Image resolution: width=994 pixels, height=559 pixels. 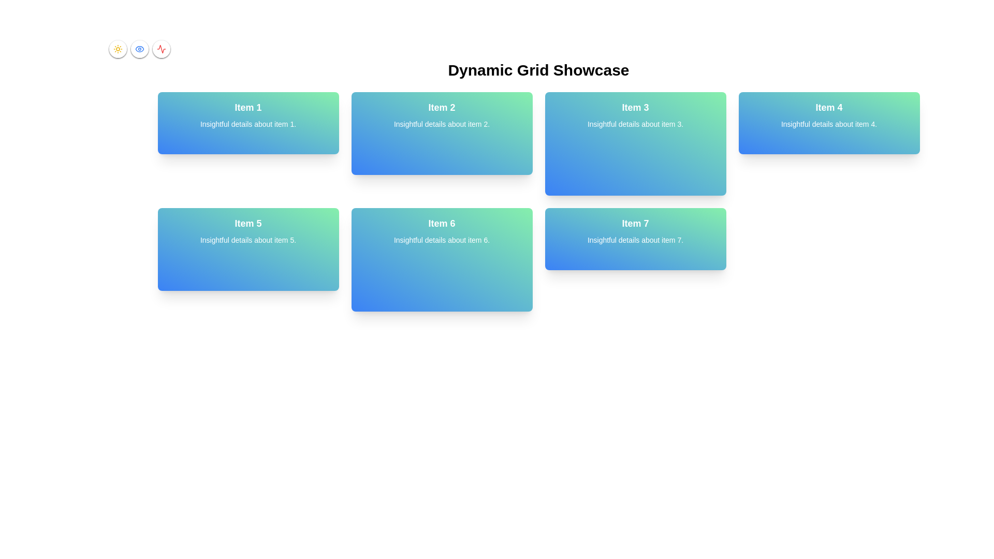 What do you see at coordinates (442, 123) in the screenshot?
I see `text from the Text Label located in the second card from the left in the first row of the grid layout, positioned below the heading 'Item 2'` at bounding box center [442, 123].